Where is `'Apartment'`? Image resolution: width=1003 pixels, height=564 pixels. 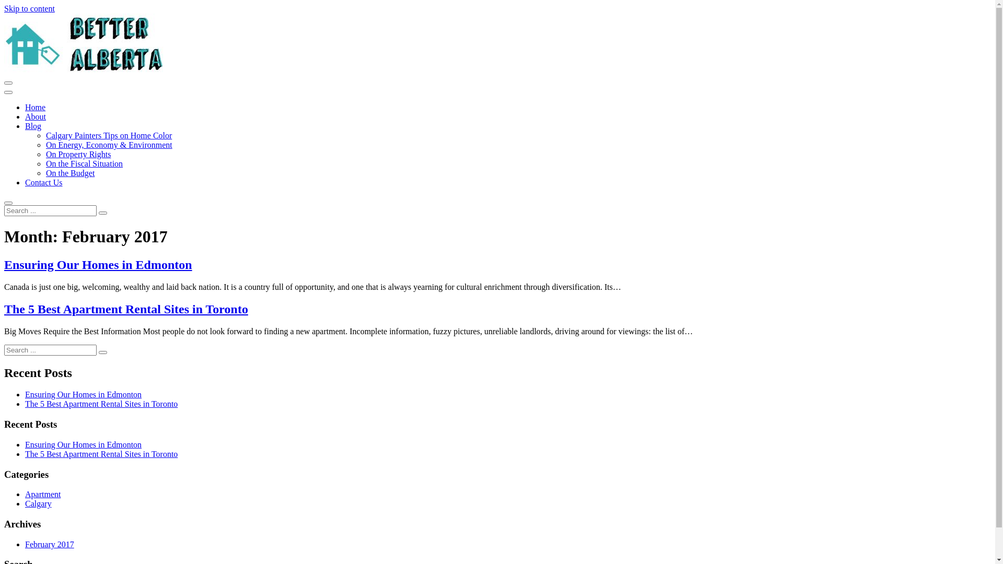
'Apartment' is located at coordinates (42, 494).